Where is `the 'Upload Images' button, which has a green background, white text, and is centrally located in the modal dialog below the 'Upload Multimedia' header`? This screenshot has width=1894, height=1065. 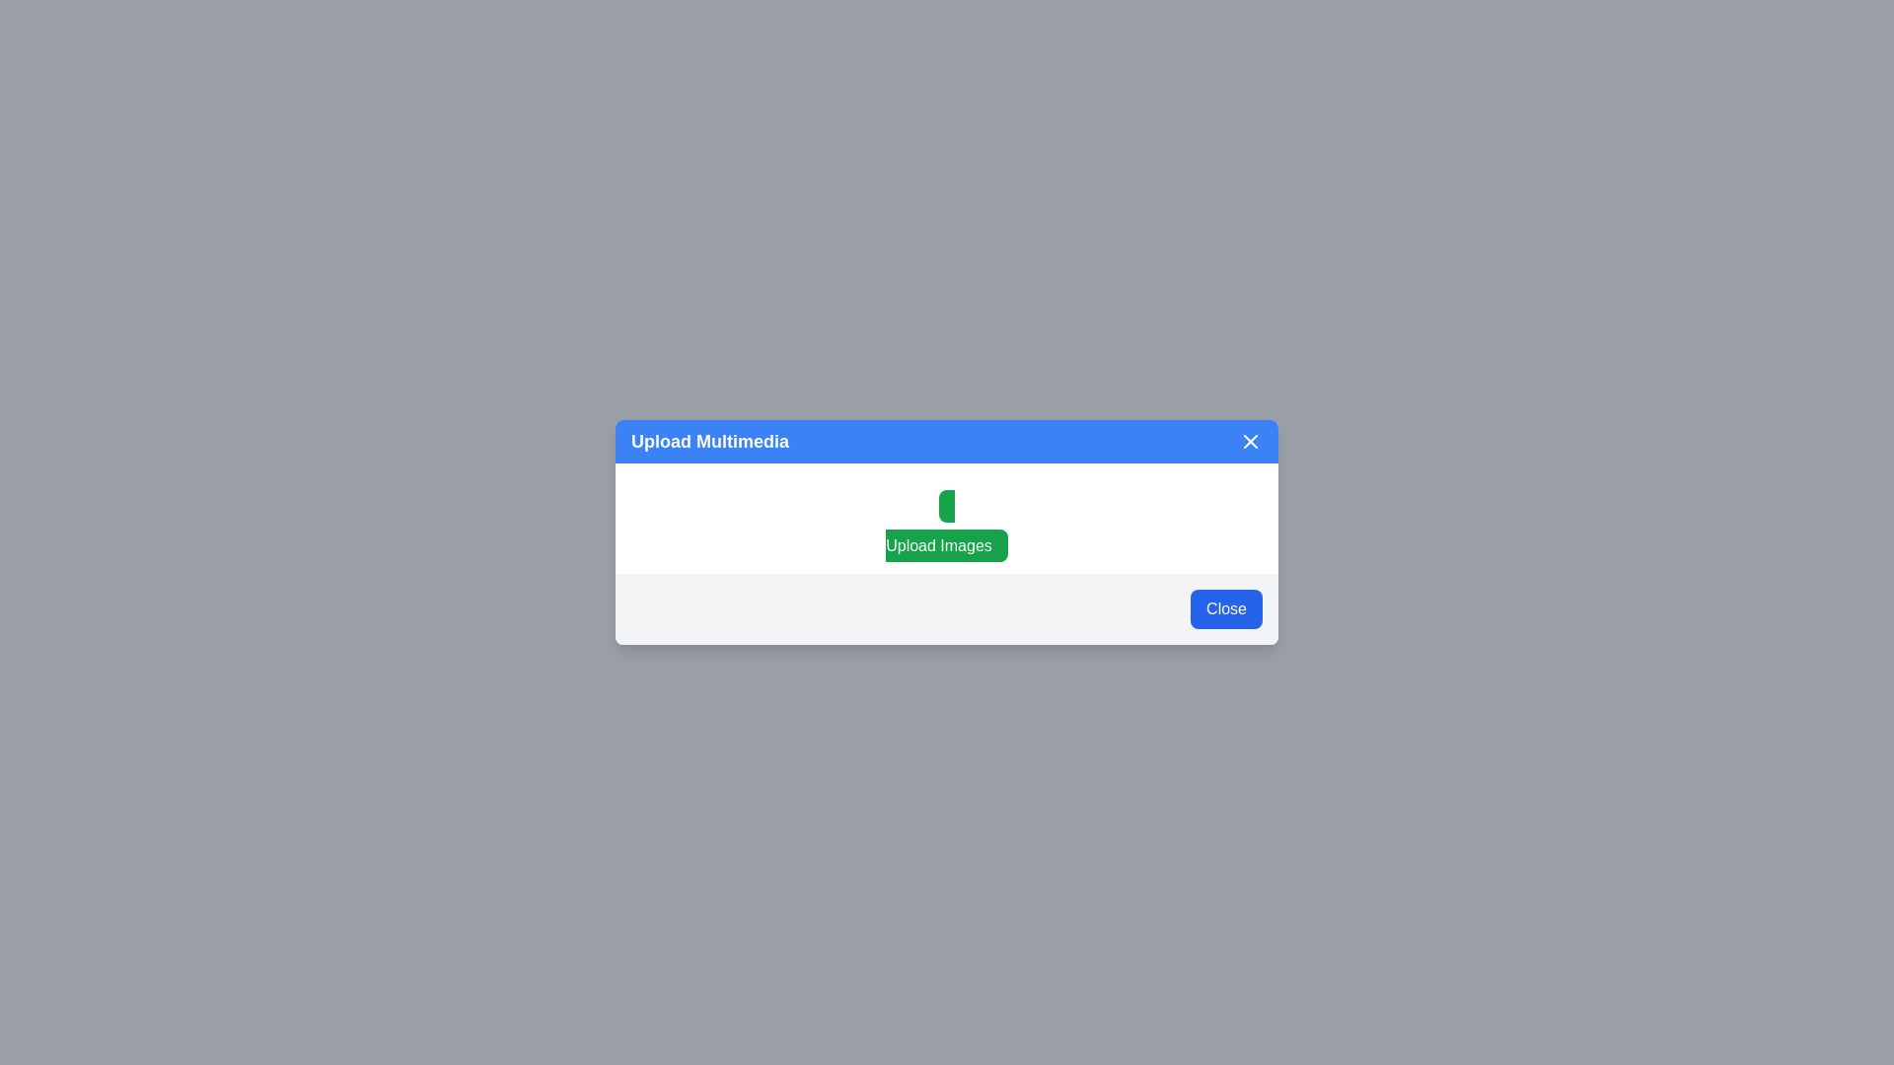 the 'Upload Images' button, which has a green background, white text, and is centrally located in the modal dialog below the 'Upload Multimedia' header is located at coordinates (947, 525).